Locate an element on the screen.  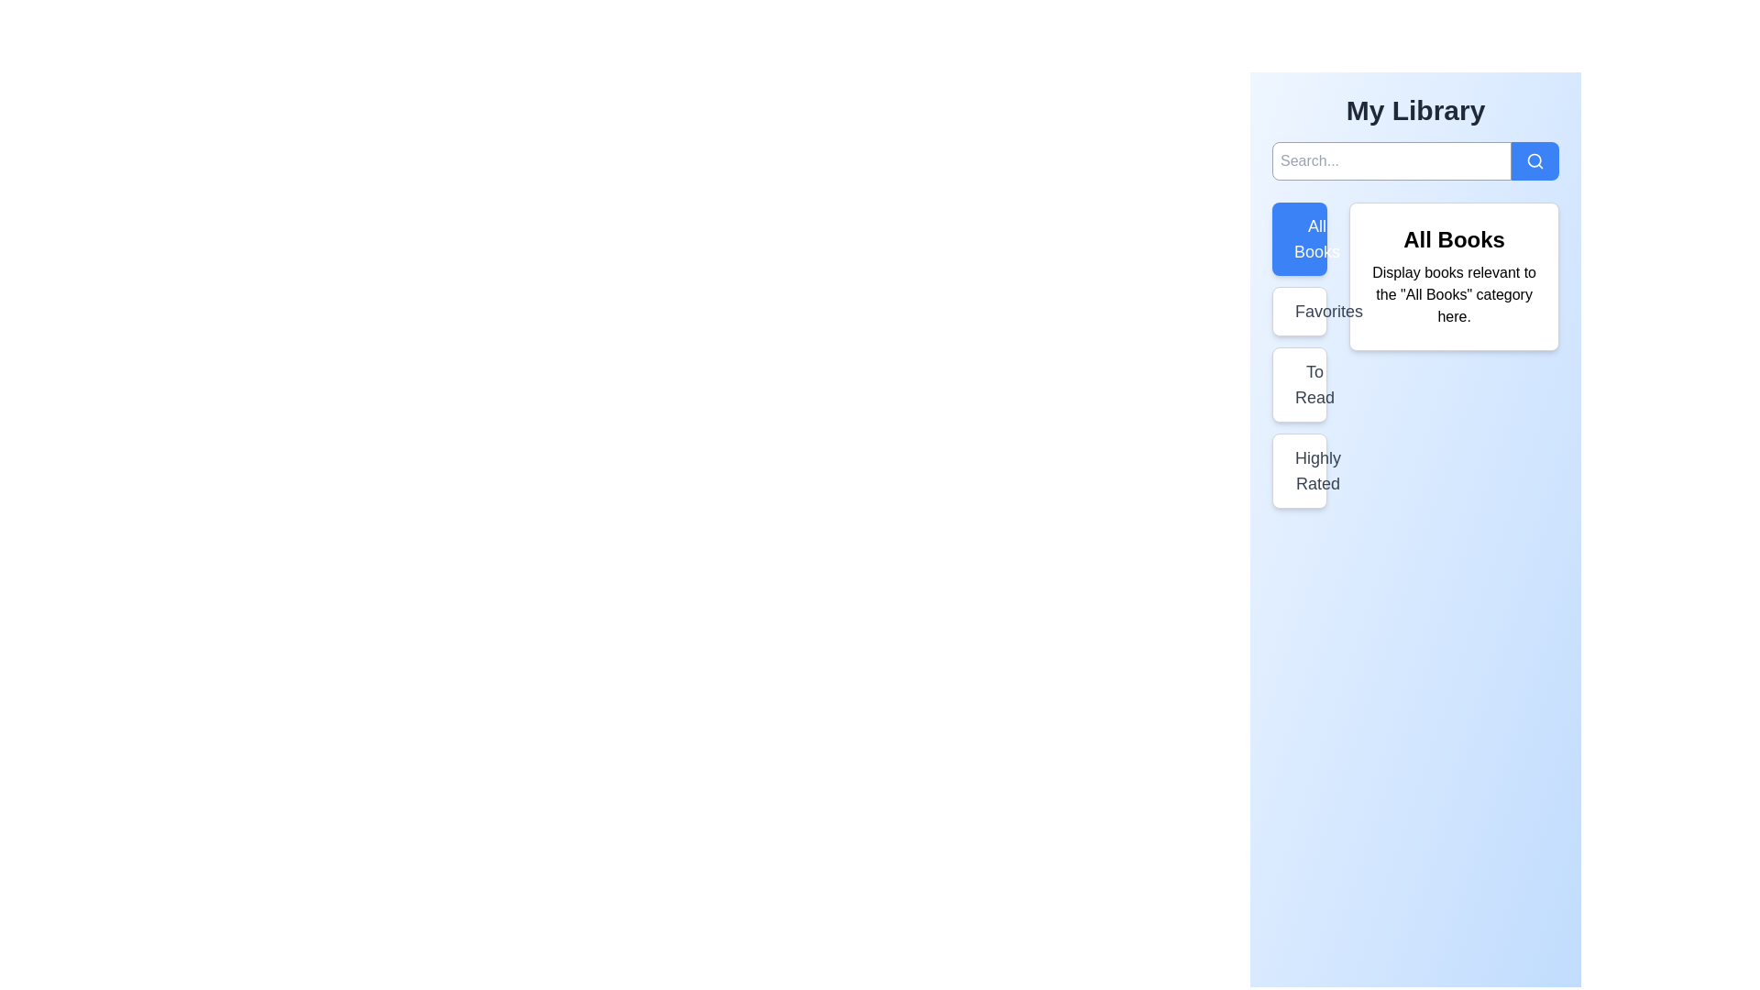
the 'To Read' button located below the 'Favorites' button and above the 'Highly Rated' button in the navigational menu under 'My Library' is located at coordinates (1299, 384).